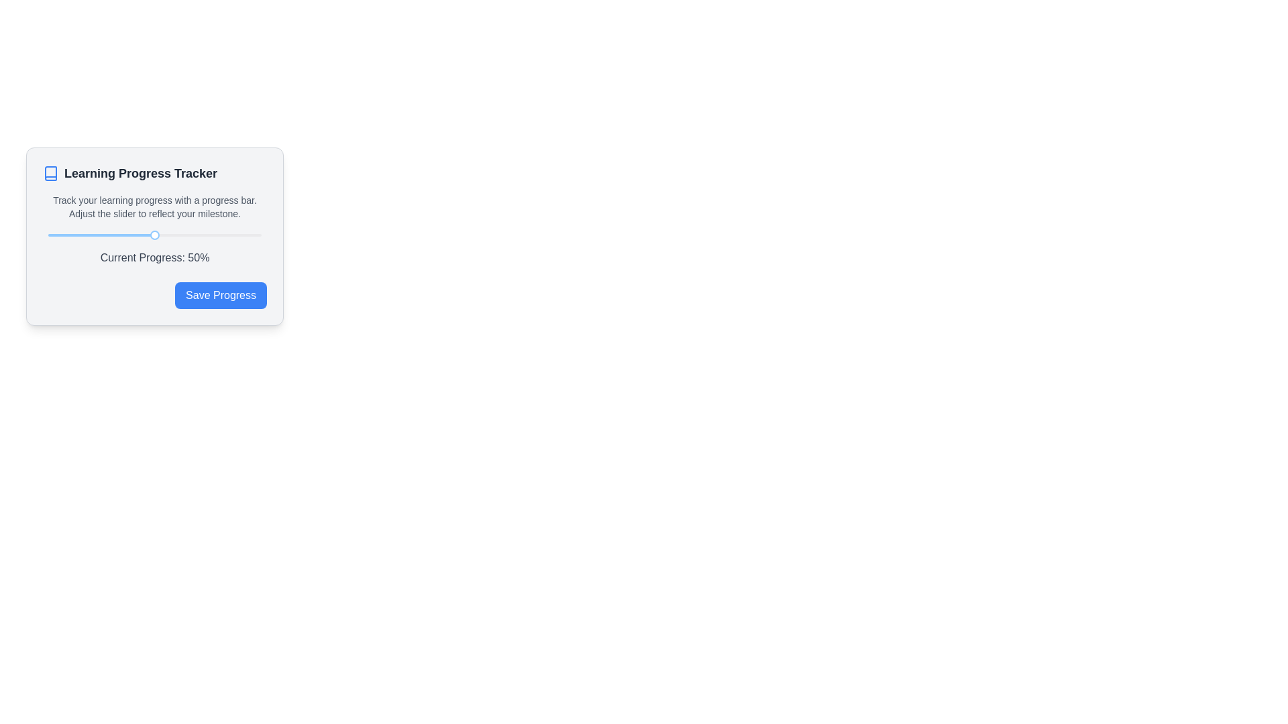  Describe the element at coordinates (154, 229) in the screenshot. I see `the updated percentage value displayed in the progress tracking Composite Element located below the 'Learning Progress Tracker' header and above the 'Save Progress' button` at that location.